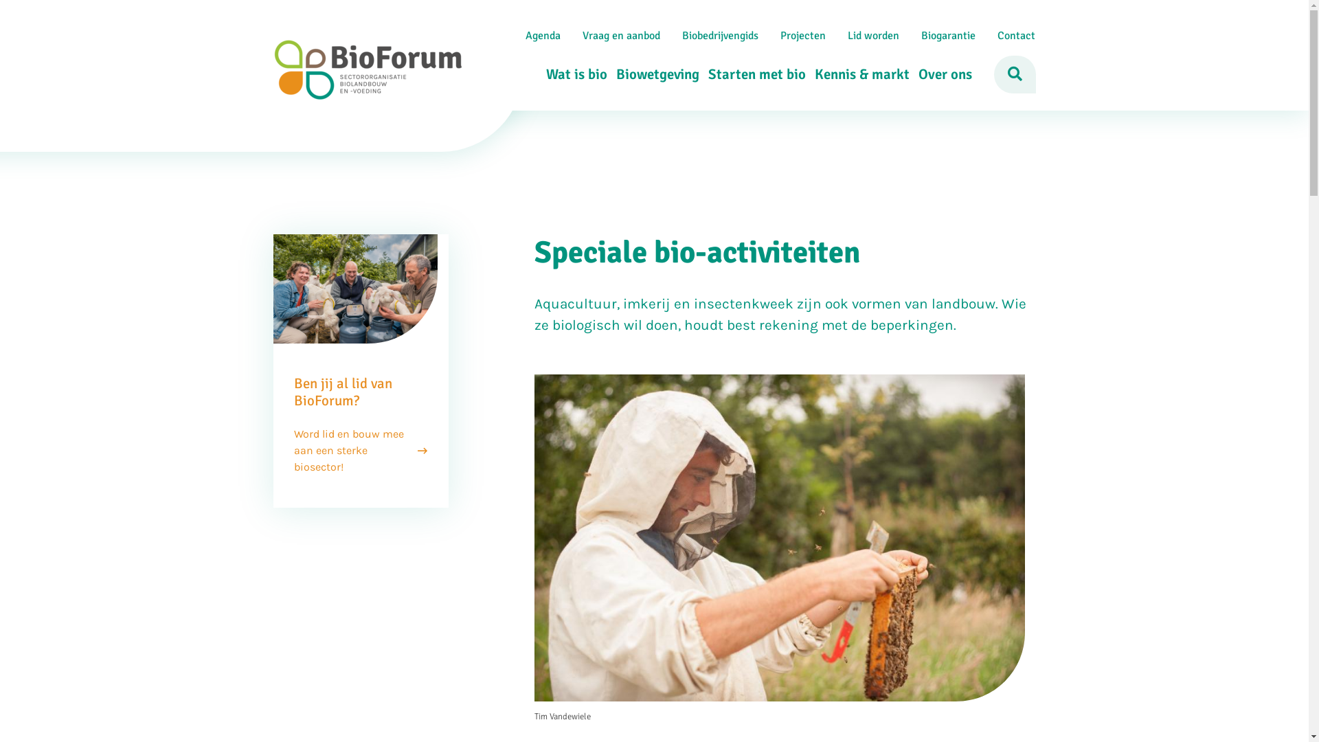 The width and height of the screenshot is (1319, 742). I want to click on 'Wat is bio', so click(537, 74).